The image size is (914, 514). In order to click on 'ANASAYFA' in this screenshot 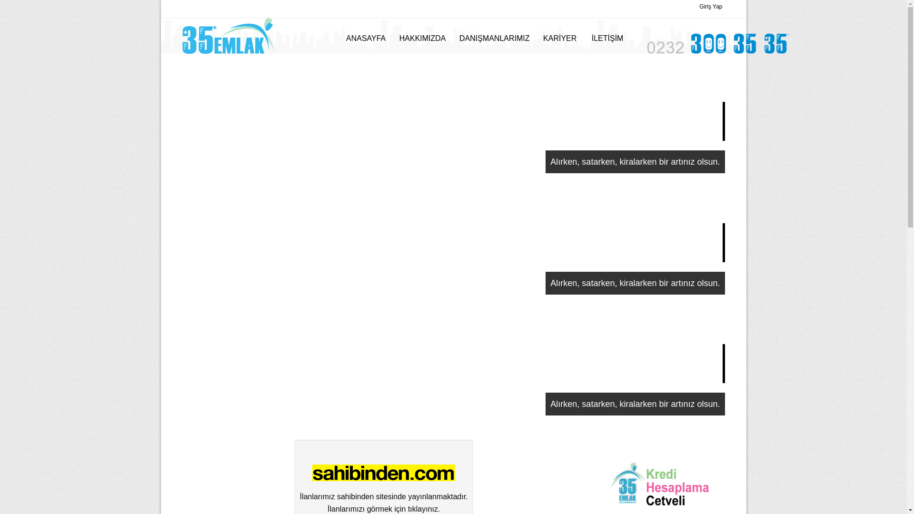, I will do `click(365, 38)`.